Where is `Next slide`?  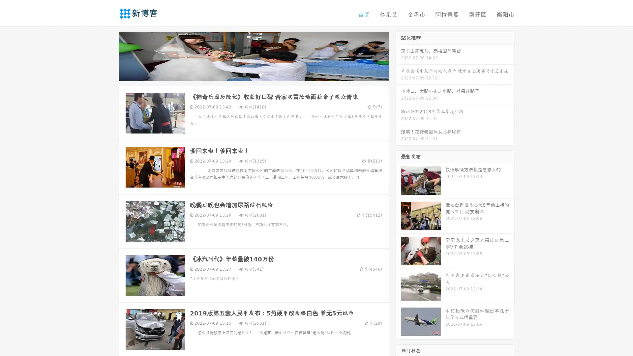 Next slide is located at coordinates (398, 55).